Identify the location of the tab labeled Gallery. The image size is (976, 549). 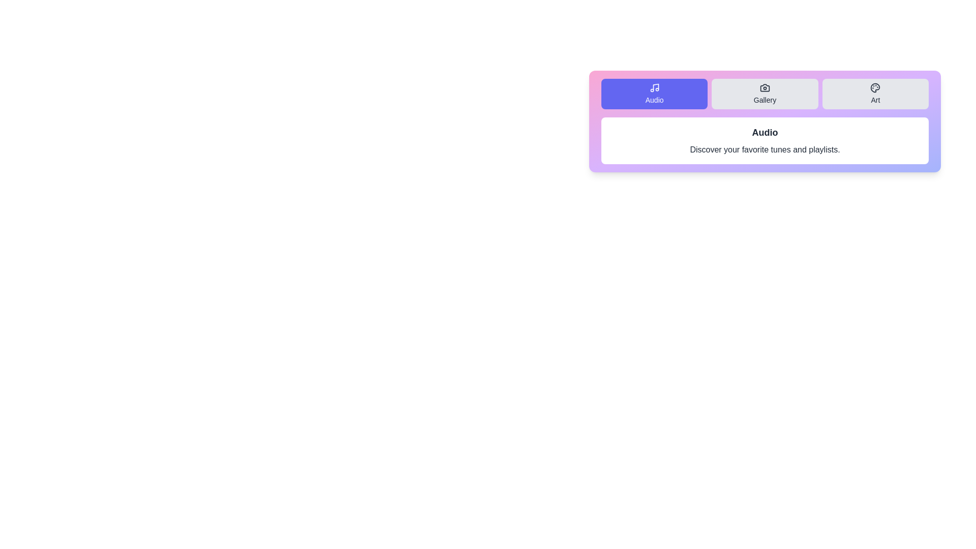
(765, 94).